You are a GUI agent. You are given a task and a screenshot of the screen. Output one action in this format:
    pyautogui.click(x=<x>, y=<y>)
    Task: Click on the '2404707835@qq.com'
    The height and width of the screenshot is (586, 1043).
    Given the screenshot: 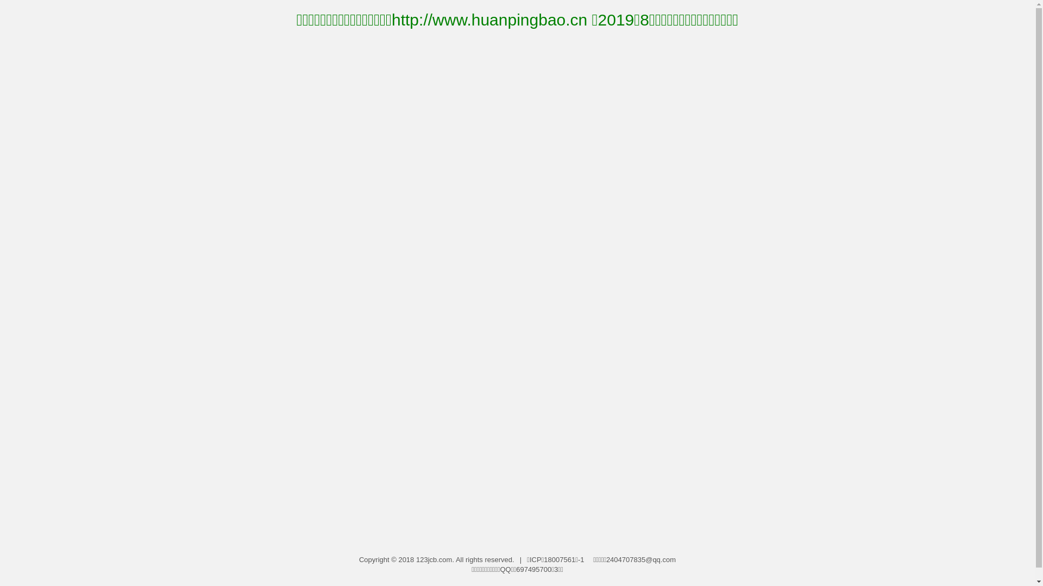 What is the action you would take?
    pyautogui.click(x=641, y=559)
    